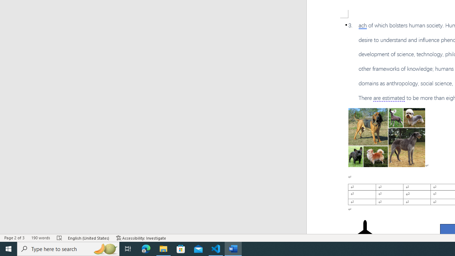 The height and width of the screenshot is (256, 455). What do you see at coordinates (386, 138) in the screenshot?
I see `'Morphological variation in six dogs'` at bounding box center [386, 138].